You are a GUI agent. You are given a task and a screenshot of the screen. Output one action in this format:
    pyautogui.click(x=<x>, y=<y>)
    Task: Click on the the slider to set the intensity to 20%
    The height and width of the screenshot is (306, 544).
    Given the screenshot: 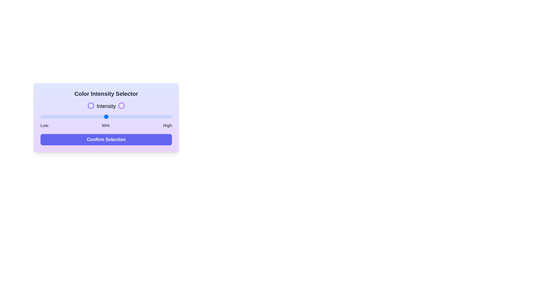 What is the action you would take?
    pyautogui.click(x=67, y=116)
    